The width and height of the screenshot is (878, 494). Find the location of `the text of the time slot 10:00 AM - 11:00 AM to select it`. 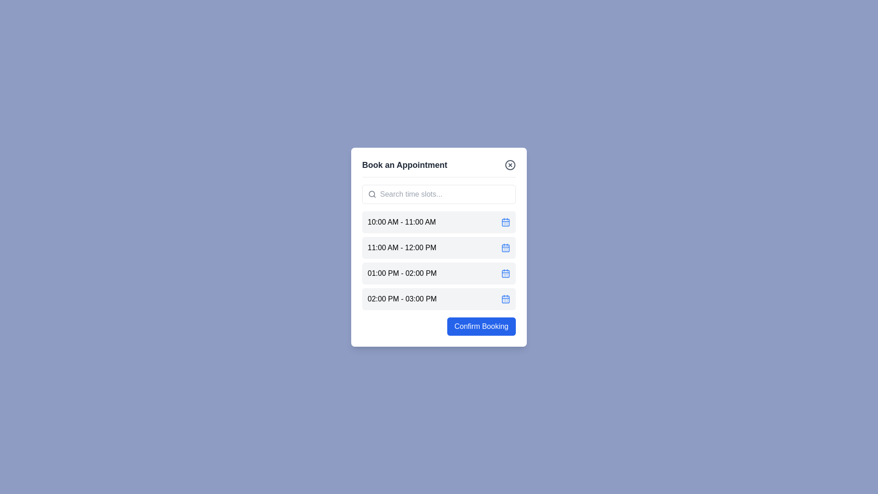

the text of the time slot 10:00 AM - 11:00 AM to select it is located at coordinates (402, 222).